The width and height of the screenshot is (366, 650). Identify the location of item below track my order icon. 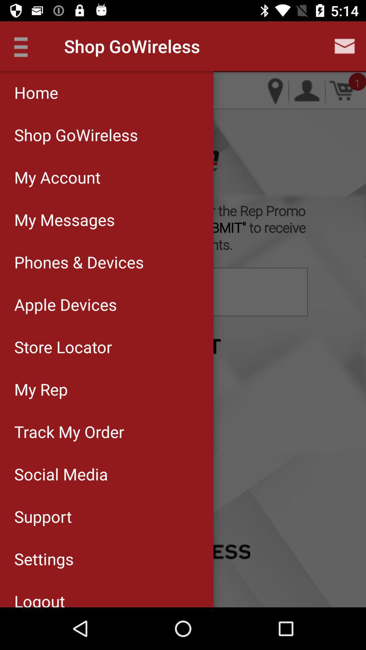
(107, 474).